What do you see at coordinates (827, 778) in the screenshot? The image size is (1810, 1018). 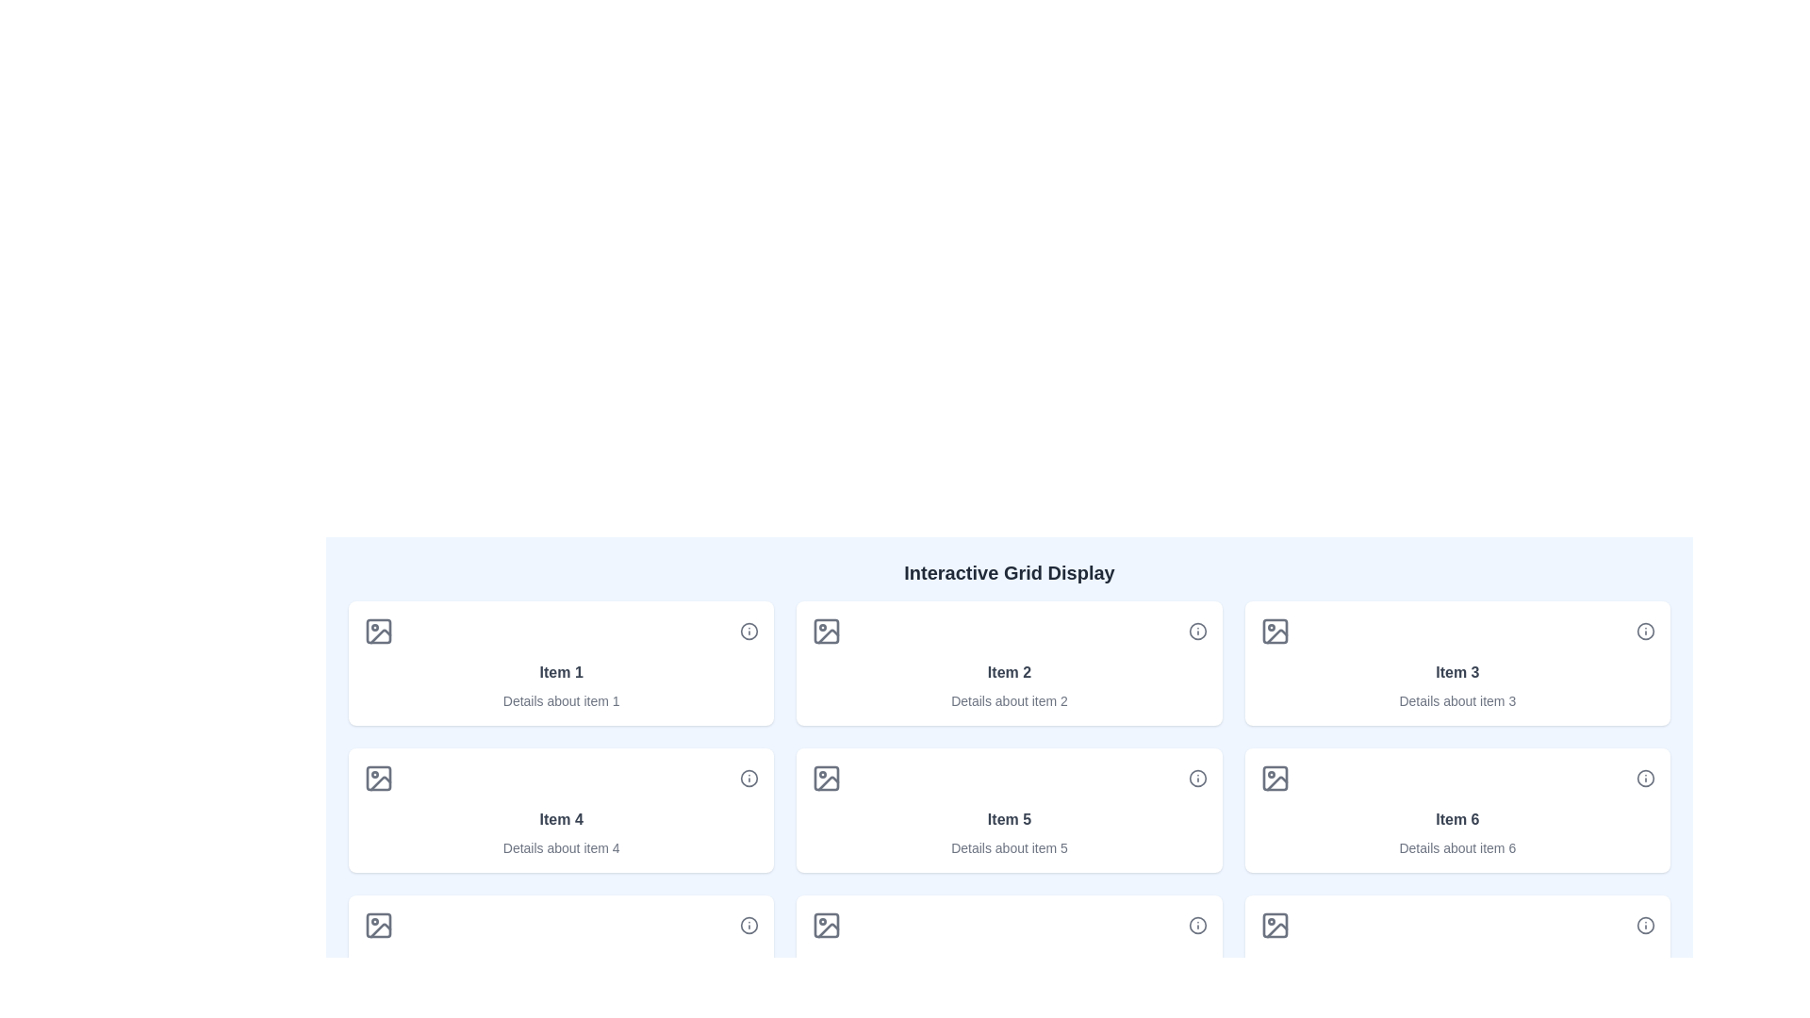 I see `the square-shaped image icon with rounded corners located in the top-left corner of the fifth item in a 3x2 grid layout` at bounding box center [827, 778].